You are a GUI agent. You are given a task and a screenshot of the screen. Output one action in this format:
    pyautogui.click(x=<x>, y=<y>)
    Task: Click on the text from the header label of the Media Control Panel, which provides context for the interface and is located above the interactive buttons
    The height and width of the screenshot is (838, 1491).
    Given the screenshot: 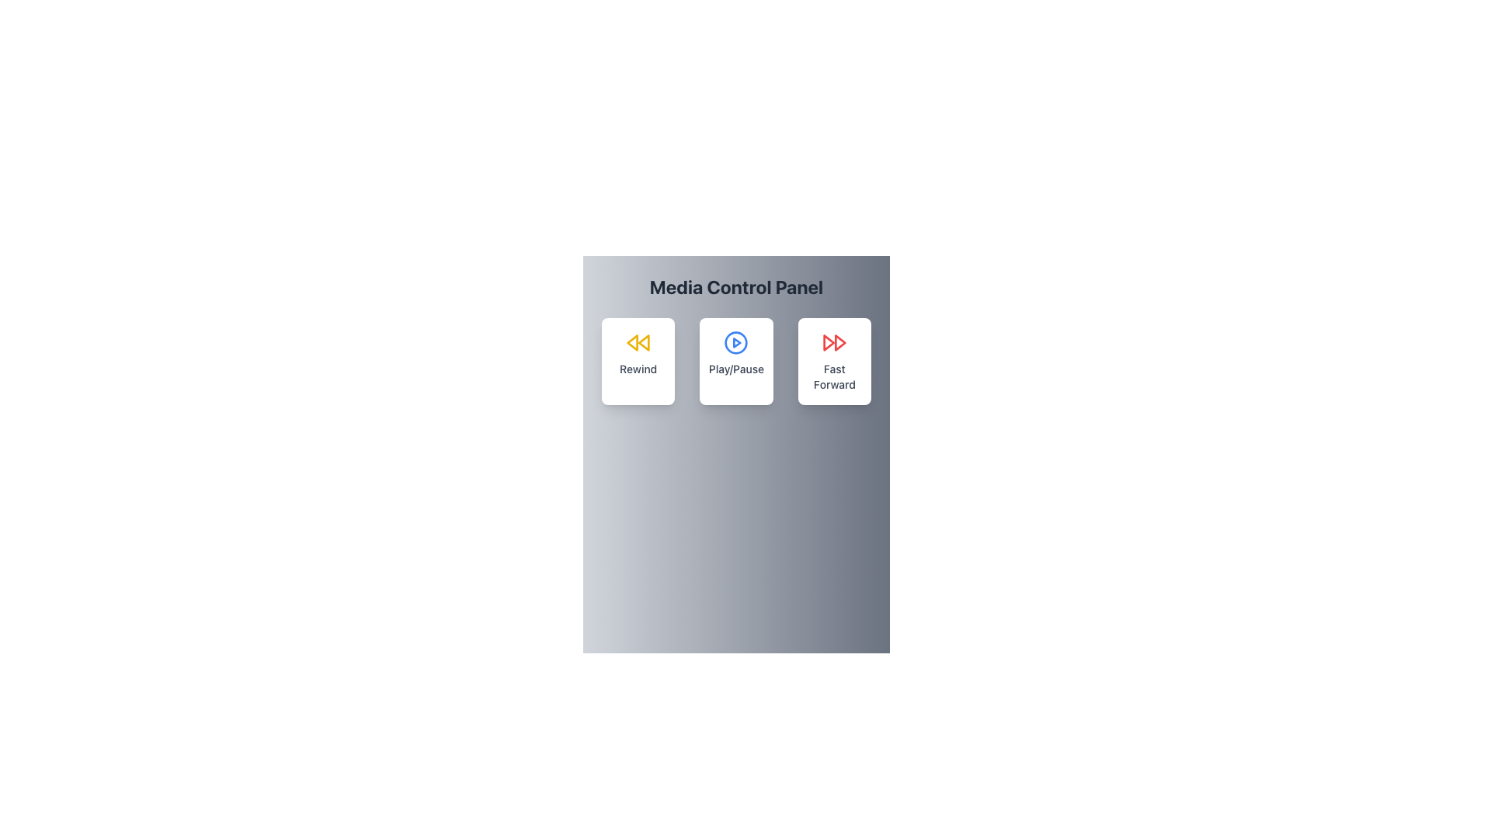 What is the action you would take?
    pyautogui.click(x=735, y=287)
    